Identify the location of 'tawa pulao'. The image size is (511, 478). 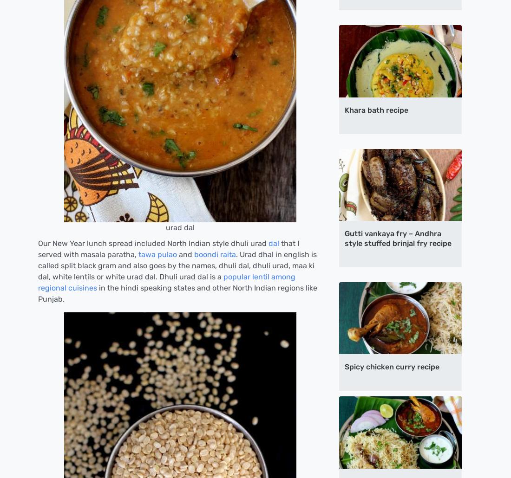
(157, 254).